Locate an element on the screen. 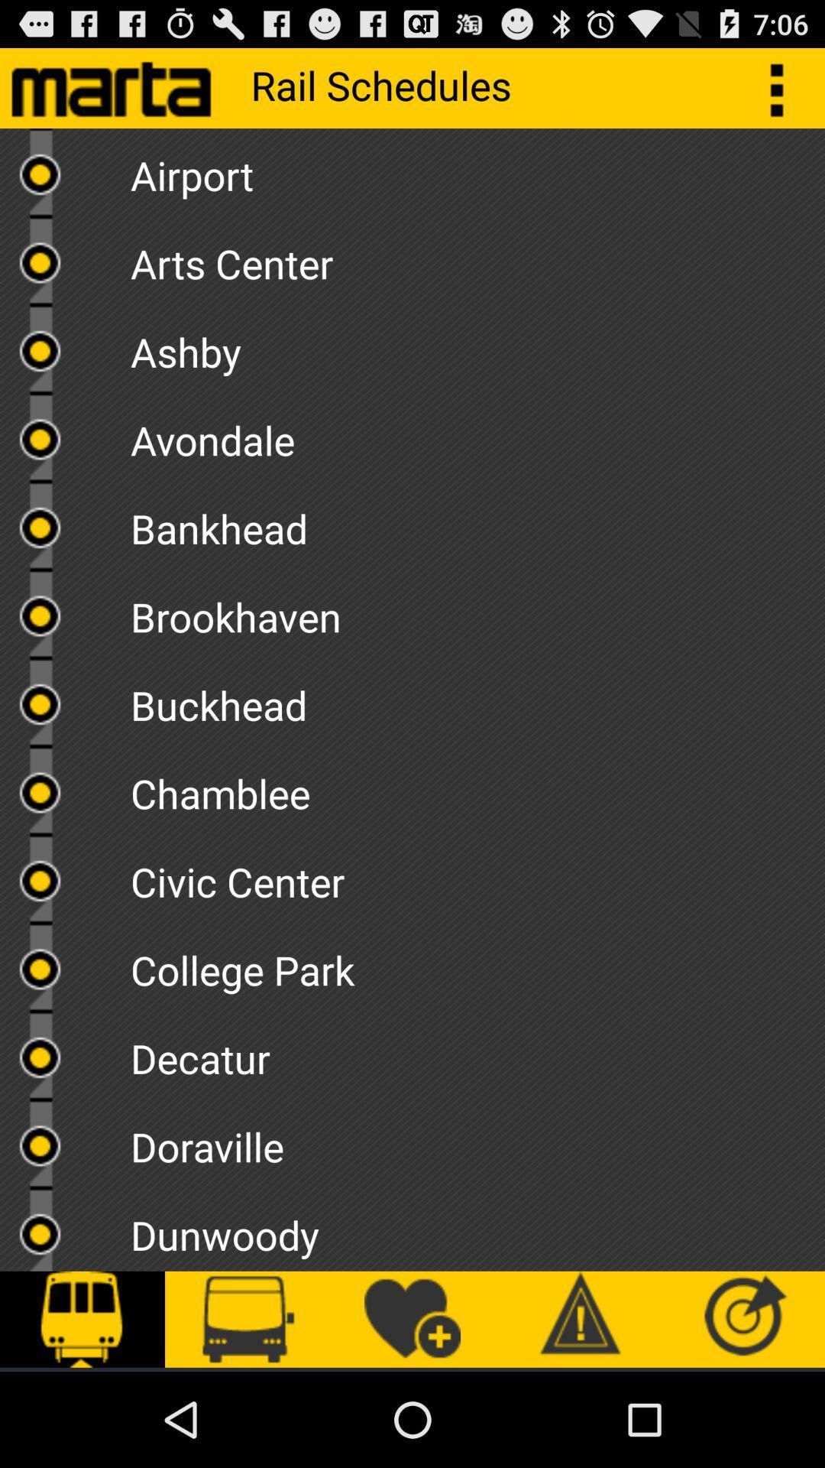  item above the doraville item is located at coordinates (477, 1052).